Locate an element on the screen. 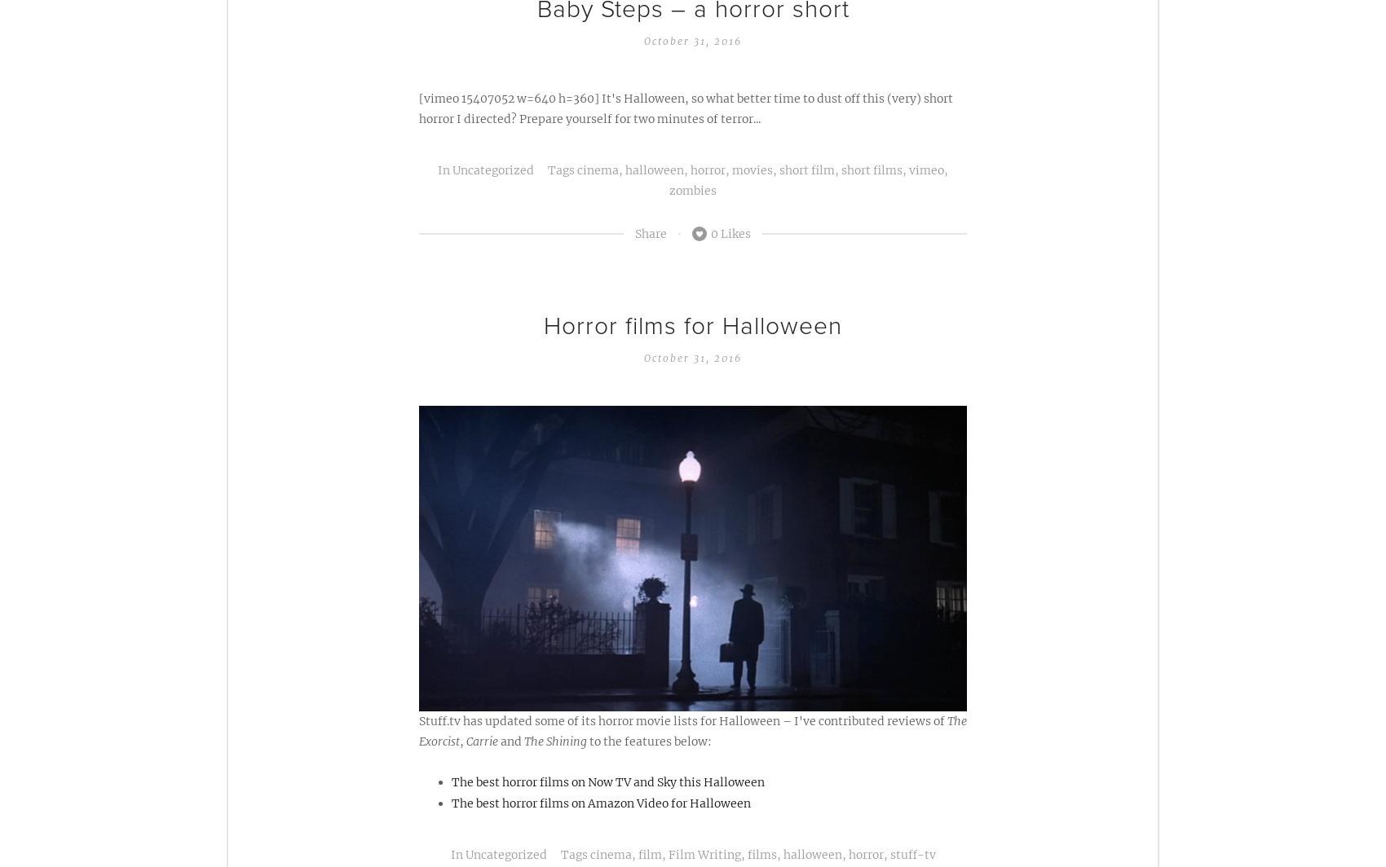 Image resolution: width=1386 pixels, height=867 pixels. 'The best horror films on Amazon Video for Halloween' is located at coordinates (601, 803).